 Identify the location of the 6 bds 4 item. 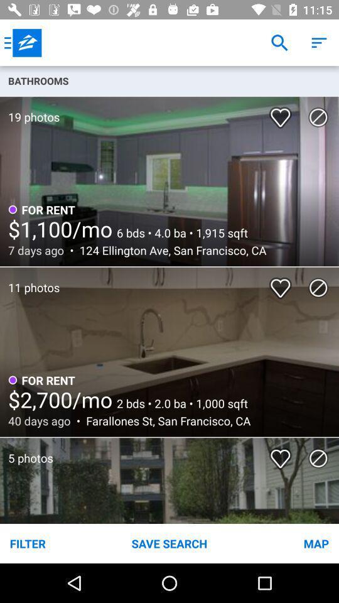
(180, 232).